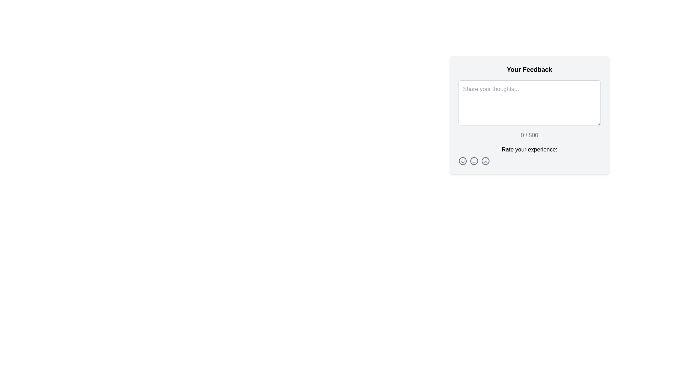 The height and width of the screenshot is (384, 683). Describe the element at coordinates (474, 161) in the screenshot. I see `the SVG circle element that represents a 'neutral' or 'meh' sentiment in the user feedback interface` at that location.